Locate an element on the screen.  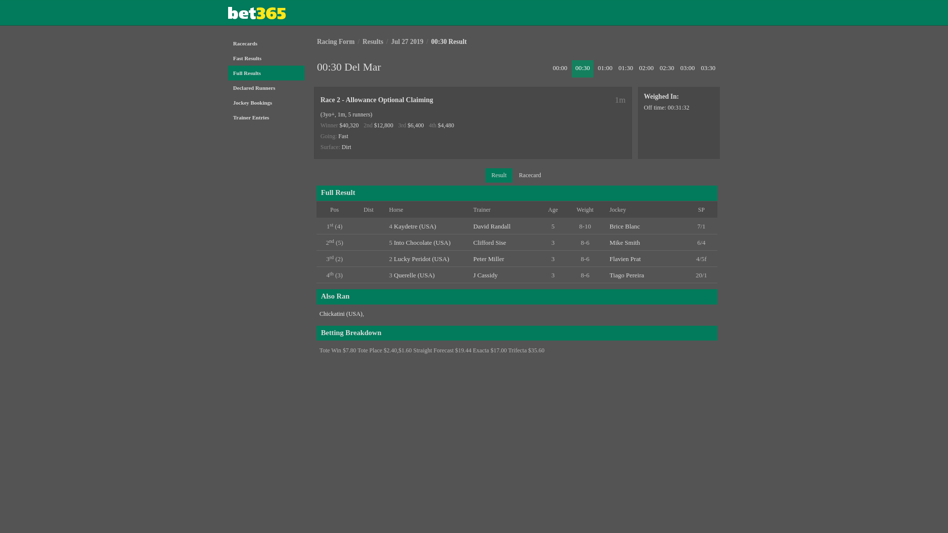
'00:30' is located at coordinates (583, 69).